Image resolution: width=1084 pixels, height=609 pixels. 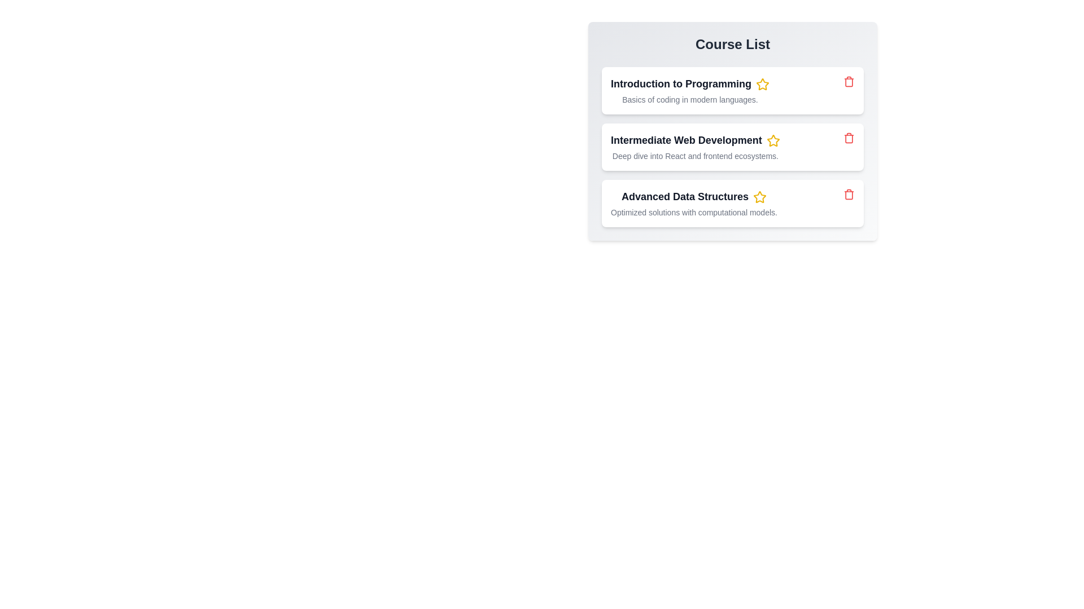 I want to click on the trash icon of the item to remove it from the list. Specify the item name as Advanced Data Structures, so click(x=849, y=193).